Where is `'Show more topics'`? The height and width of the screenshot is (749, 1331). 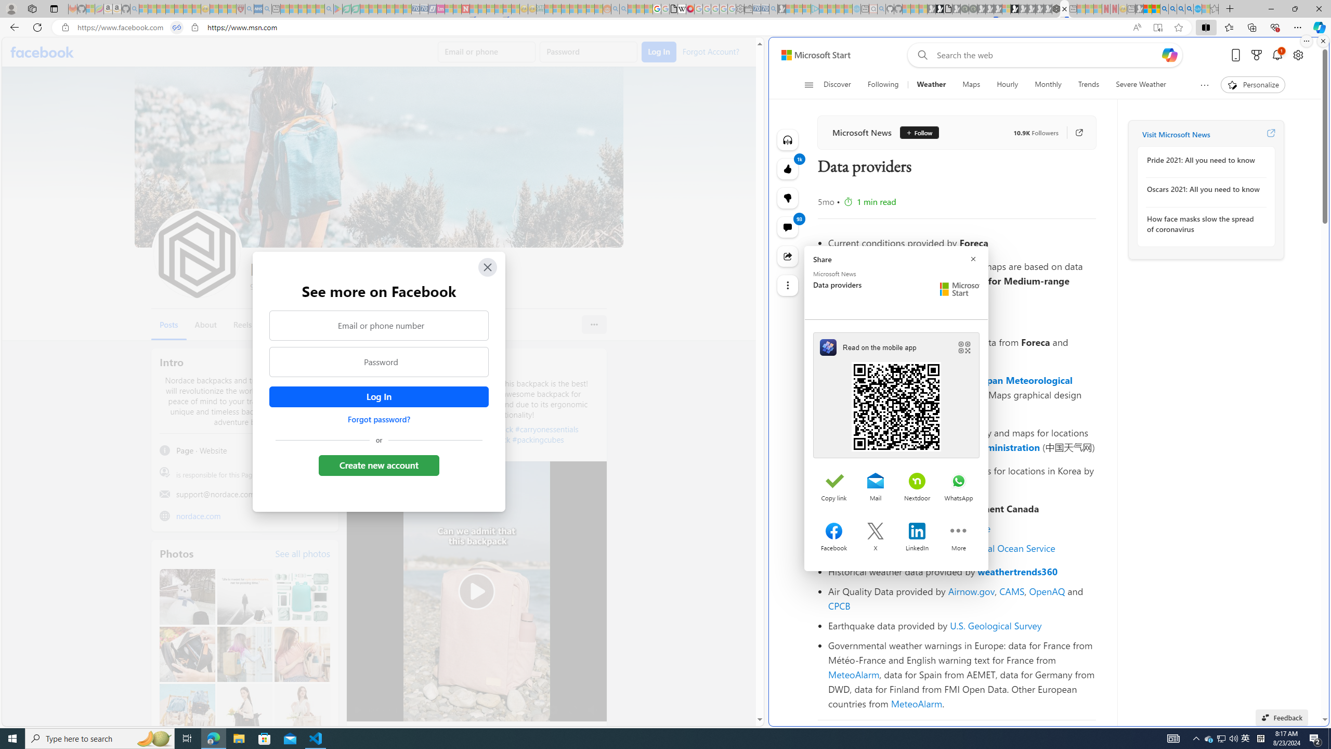
'Show more topics' is located at coordinates (1204, 84).